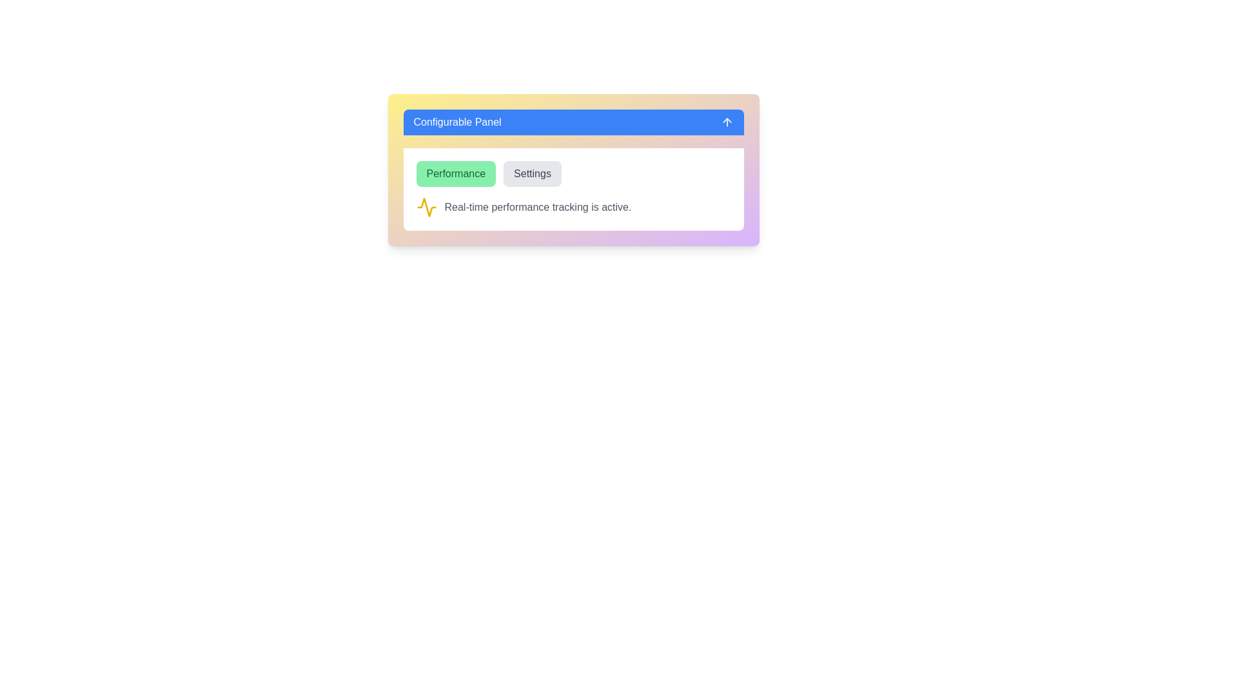  Describe the element at coordinates (573, 206) in the screenshot. I see `the informational text element that contains a yellow pulsating activity icon and the text 'Real-time performance tracking is active.'` at that location.